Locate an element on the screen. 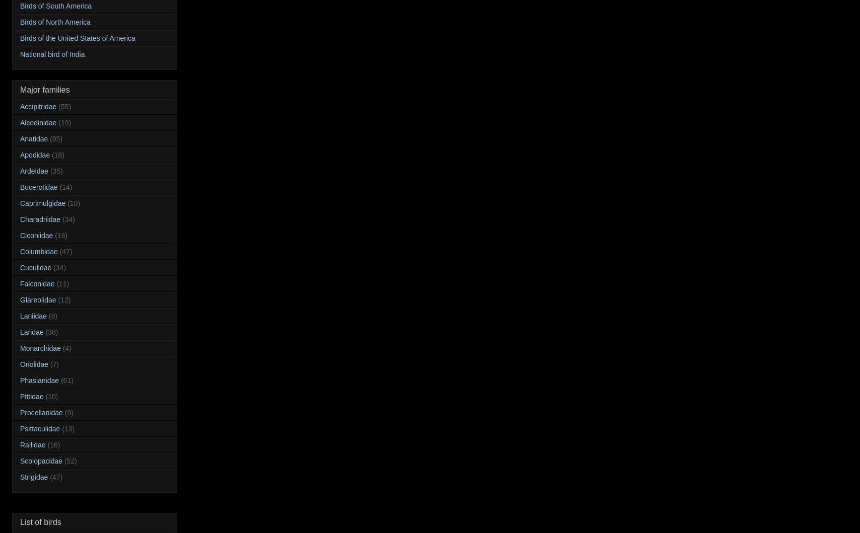  'National bird of India' is located at coordinates (52, 54).